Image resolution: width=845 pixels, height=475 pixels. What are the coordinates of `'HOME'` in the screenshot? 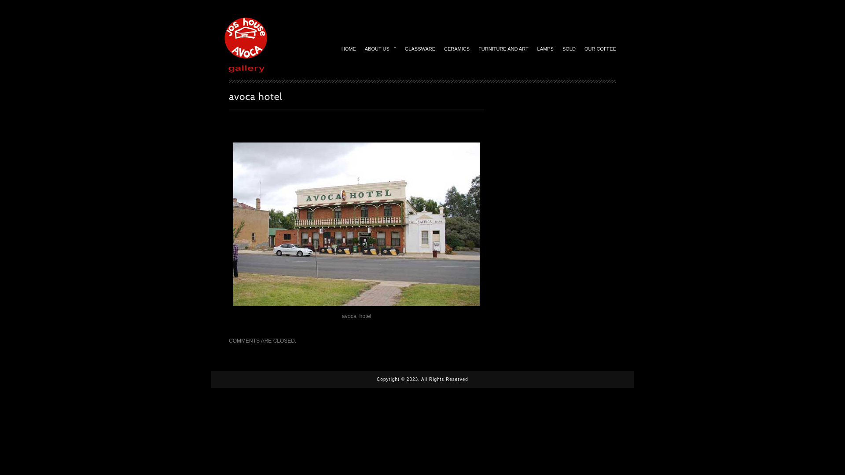 It's located at (348, 47).